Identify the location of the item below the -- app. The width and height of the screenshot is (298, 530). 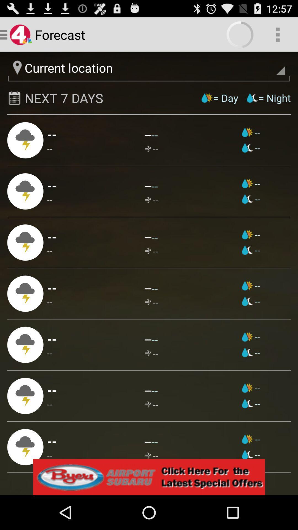
(251, 336).